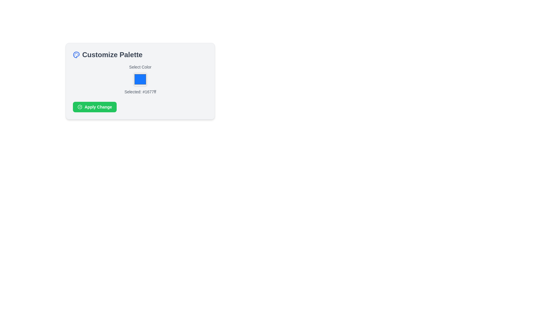 The image size is (560, 315). What do you see at coordinates (140, 67) in the screenshot?
I see `the 'Select Color' label, which is displayed in gray and indicates the color selection functionality` at bounding box center [140, 67].